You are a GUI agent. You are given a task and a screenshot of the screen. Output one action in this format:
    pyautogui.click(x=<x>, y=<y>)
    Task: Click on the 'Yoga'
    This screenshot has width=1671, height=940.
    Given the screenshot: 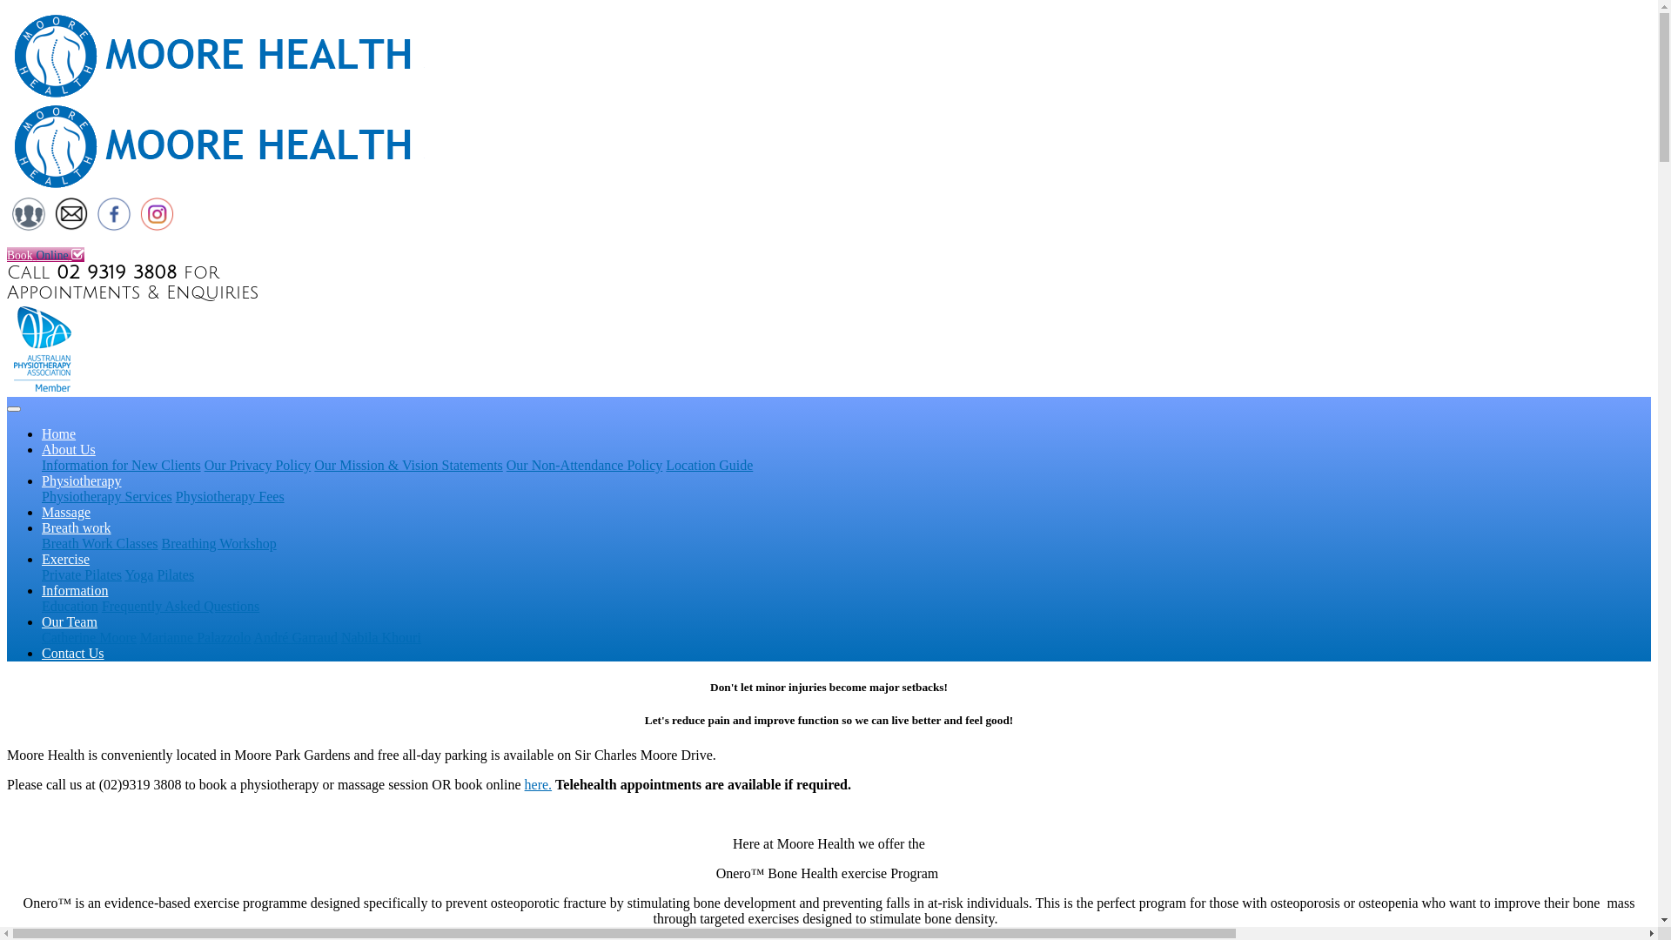 What is the action you would take?
    pyautogui.click(x=138, y=574)
    